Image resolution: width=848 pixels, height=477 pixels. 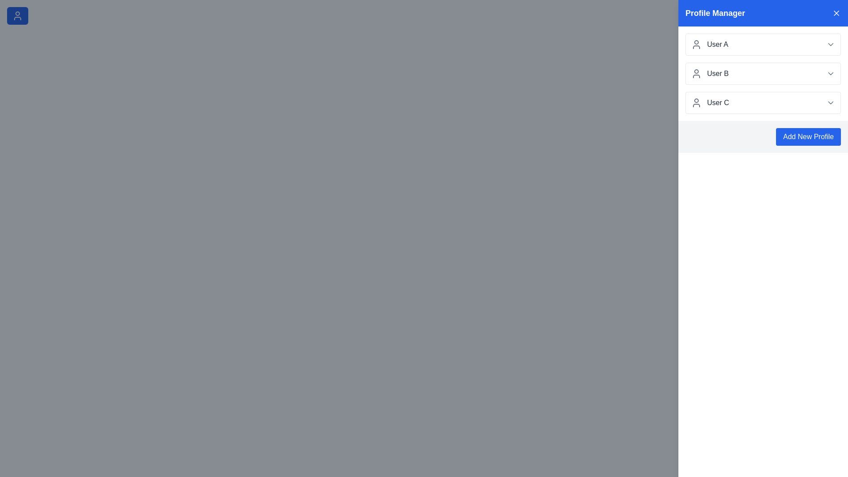 I want to click on the profile selection row displaying 'User A' in the 'Profile Manager' section, so click(x=763, y=44).